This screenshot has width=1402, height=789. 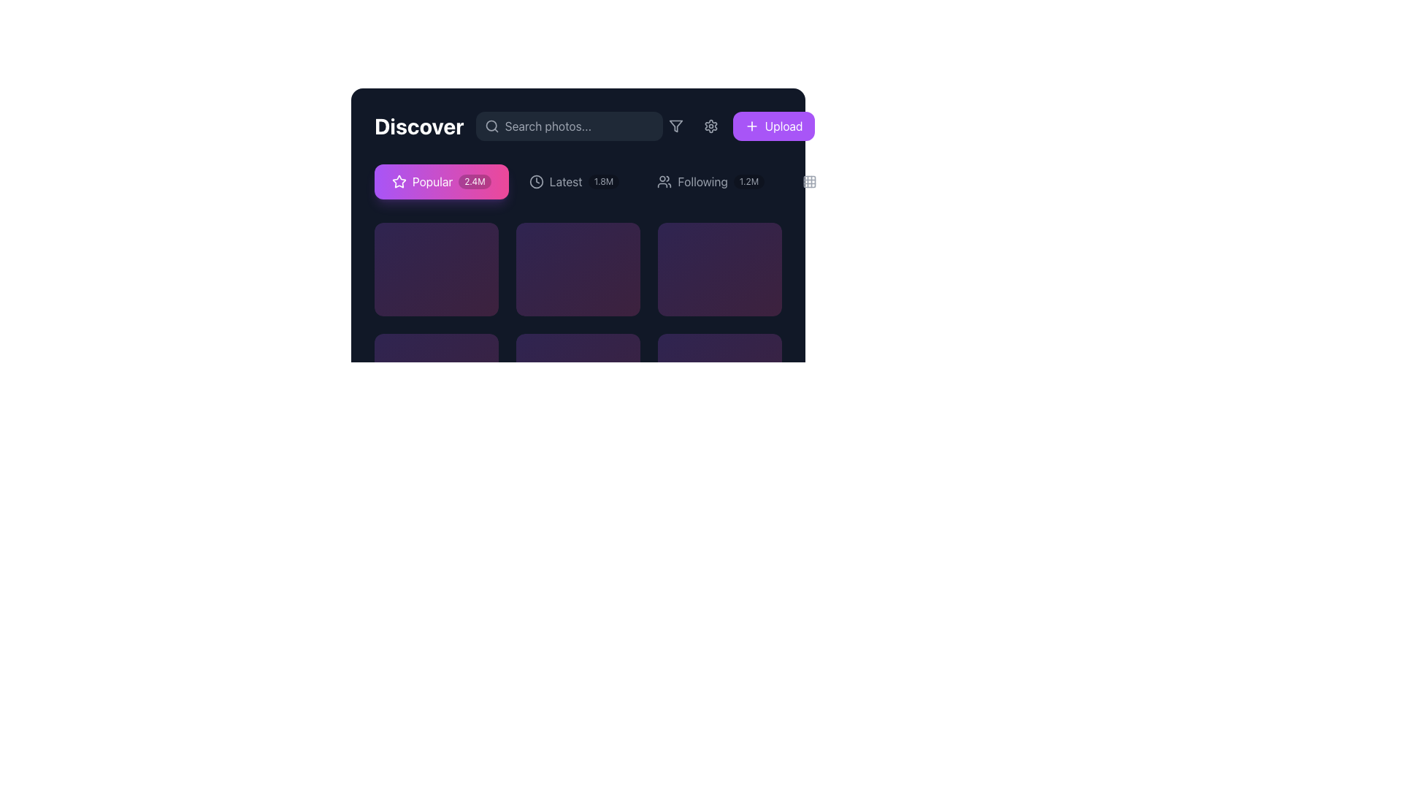 What do you see at coordinates (809, 181) in the screenshot?
I see `the grid icon located in the leftmost section of the collection navigation, positioned immediately before the text label 'Collections'` at bounding box center [809, 181].